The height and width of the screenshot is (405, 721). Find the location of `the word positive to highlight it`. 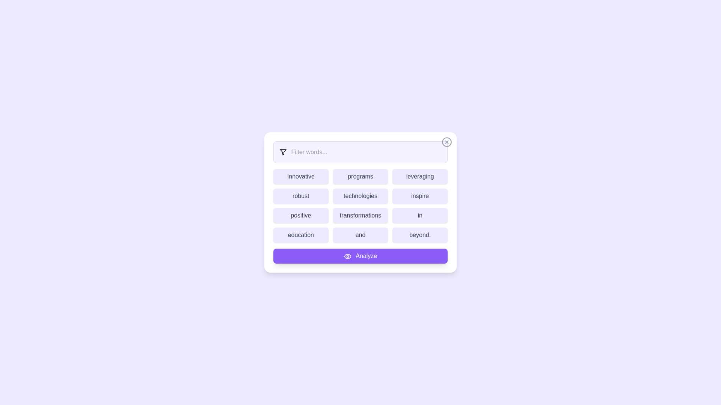

the word positive to highlight it is located at coordinates (301, 215).